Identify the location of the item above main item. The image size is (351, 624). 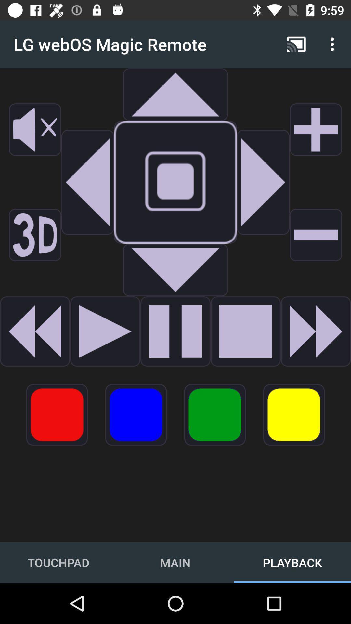
(215, 414).